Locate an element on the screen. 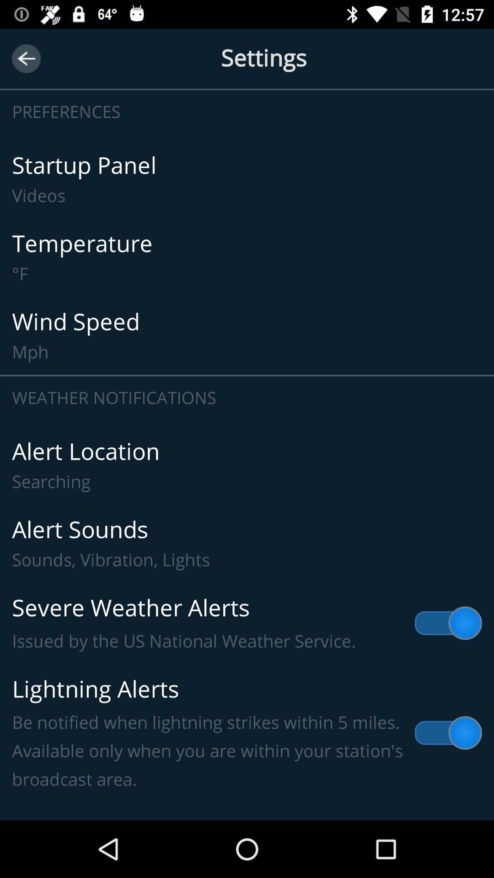  icon below the weather notifications is located at coordinates (247, 465).